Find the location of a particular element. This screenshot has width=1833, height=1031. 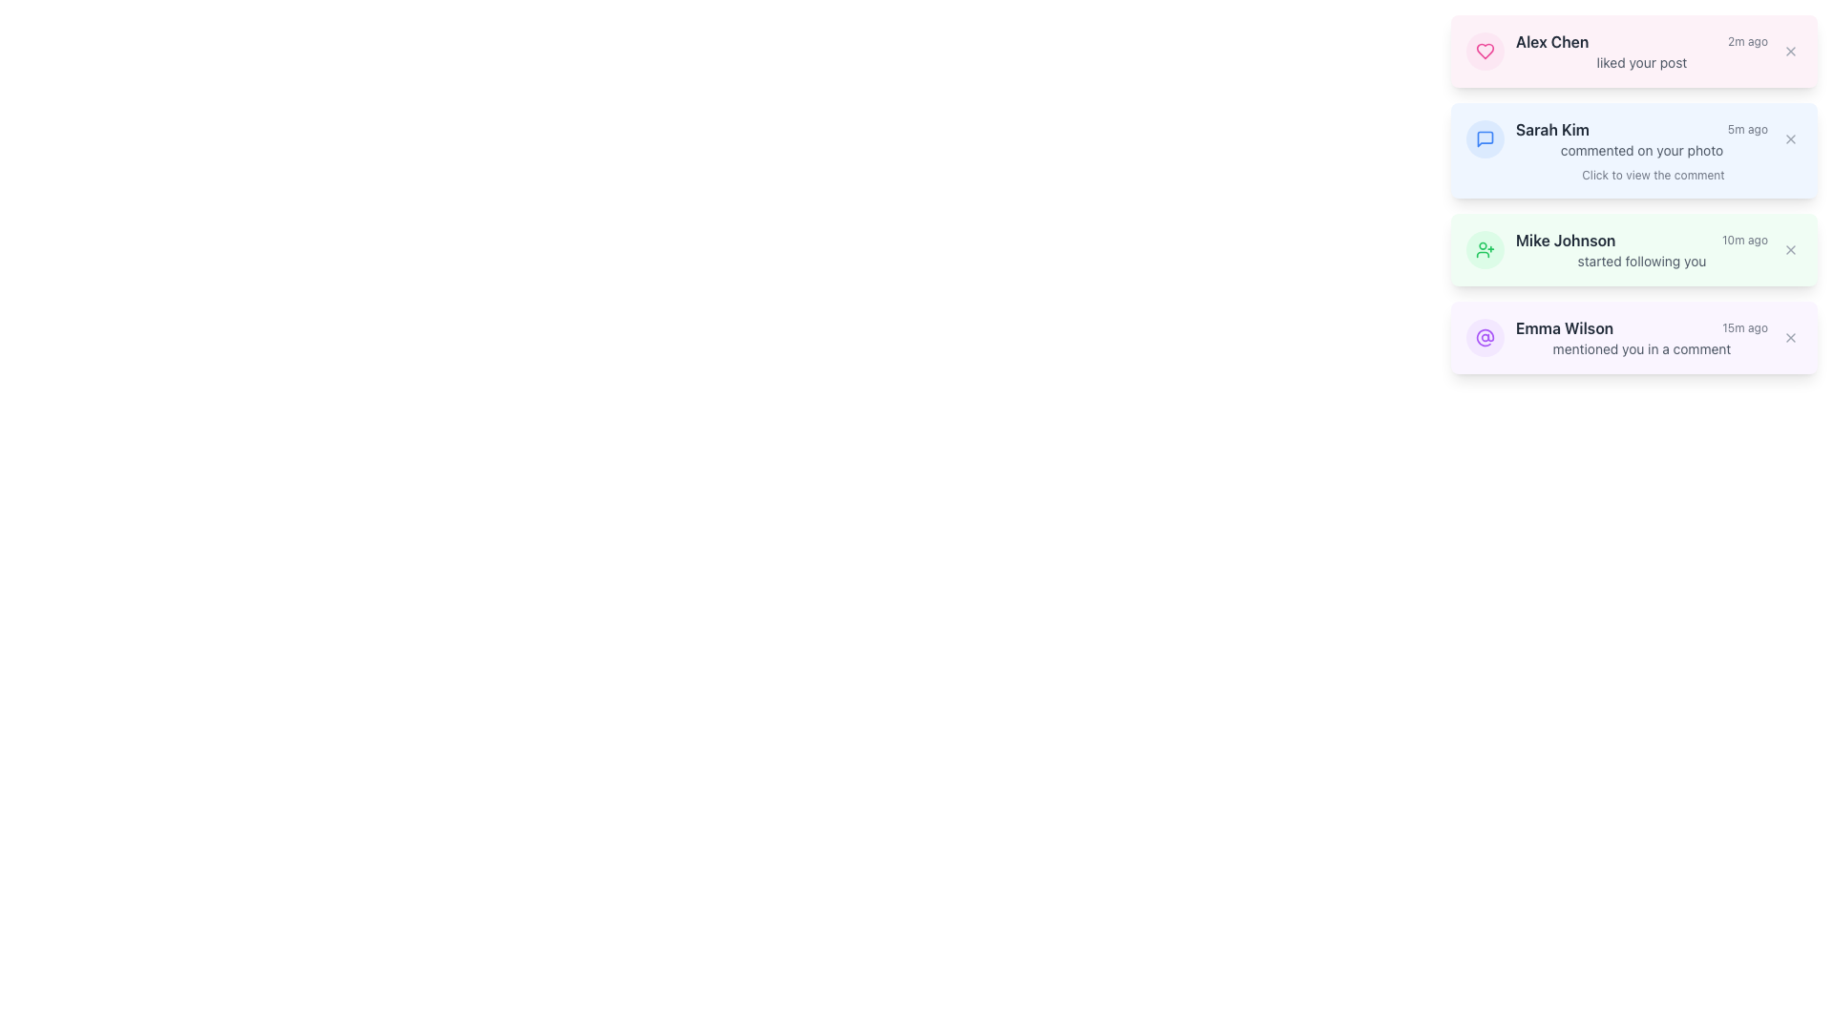

the bottom-most notification card in the right-hand list that contains the icon representing mentions or comments, located next to the text 'Emma Wilson mentioned you in a comment.' is located at coordinates (1484, 337).